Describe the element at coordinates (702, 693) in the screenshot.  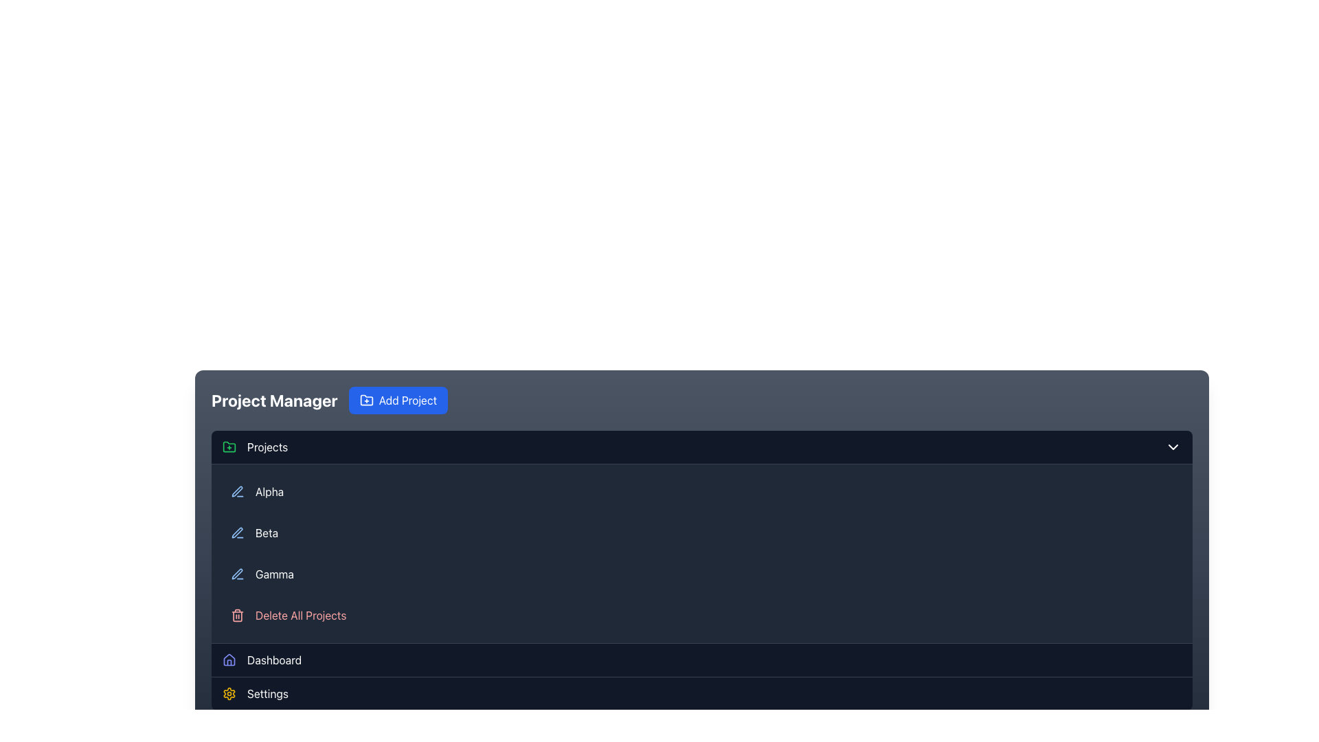
I see `the bottom-most button in the 'Project Manager' menu` at that location.